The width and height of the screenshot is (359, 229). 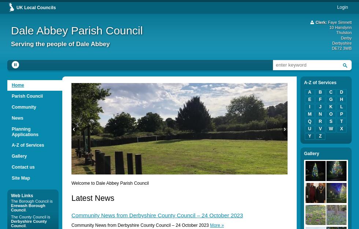 What do you see at coordinates (77, 30) in the screenshot?
I see `'Dale Abbey Parish Council'` at bounding box center [77, 30].